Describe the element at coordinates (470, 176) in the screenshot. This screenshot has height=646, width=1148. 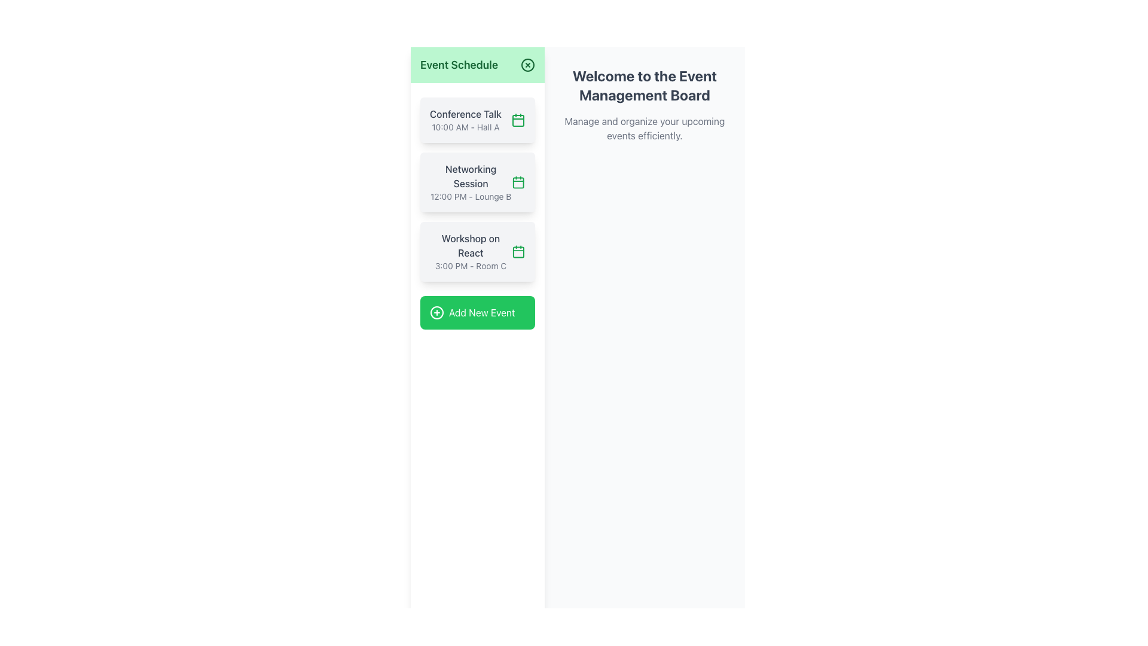
I see `text content of the title or header Text Label located in the second card of the 'Event Schedule' list, positioned above '12:00 PM - Lounge B'` at that location.